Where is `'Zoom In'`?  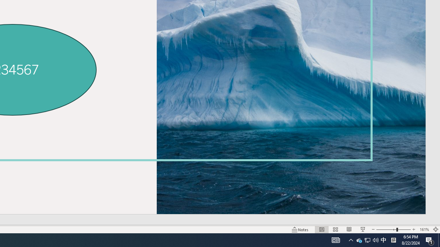
'Zoom In' is located at coordinates (414, 230).